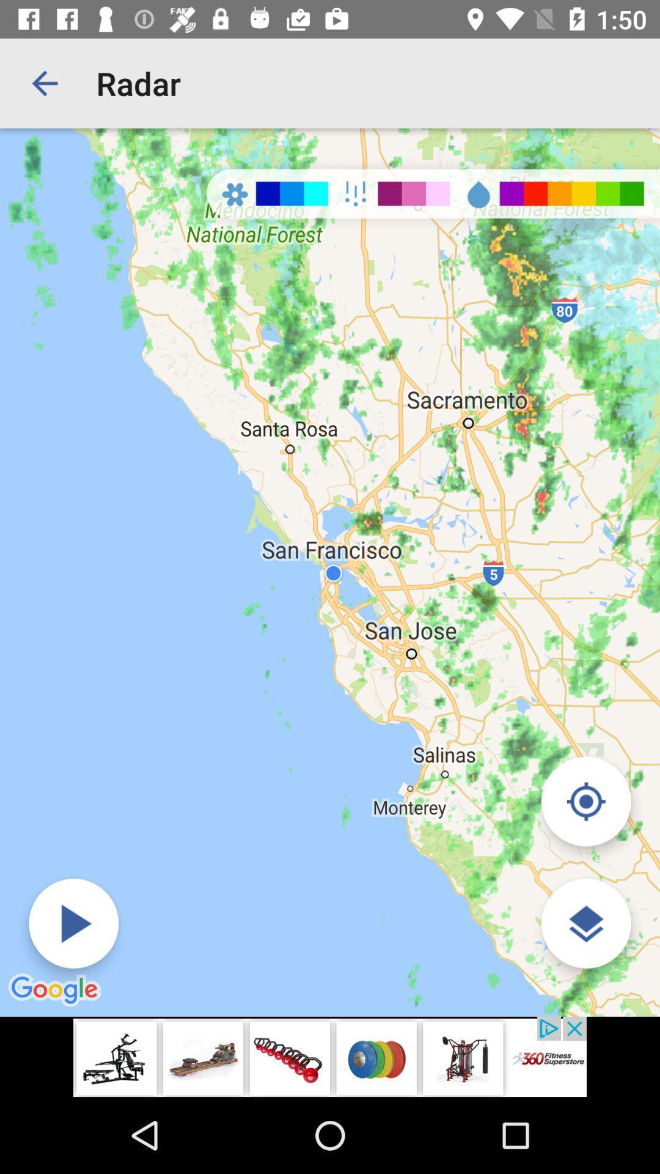 This screenshot has width=660, height=1174. Describe the element at coordinates (73, 923) in the screenshot. I see `the play icon` at that location.